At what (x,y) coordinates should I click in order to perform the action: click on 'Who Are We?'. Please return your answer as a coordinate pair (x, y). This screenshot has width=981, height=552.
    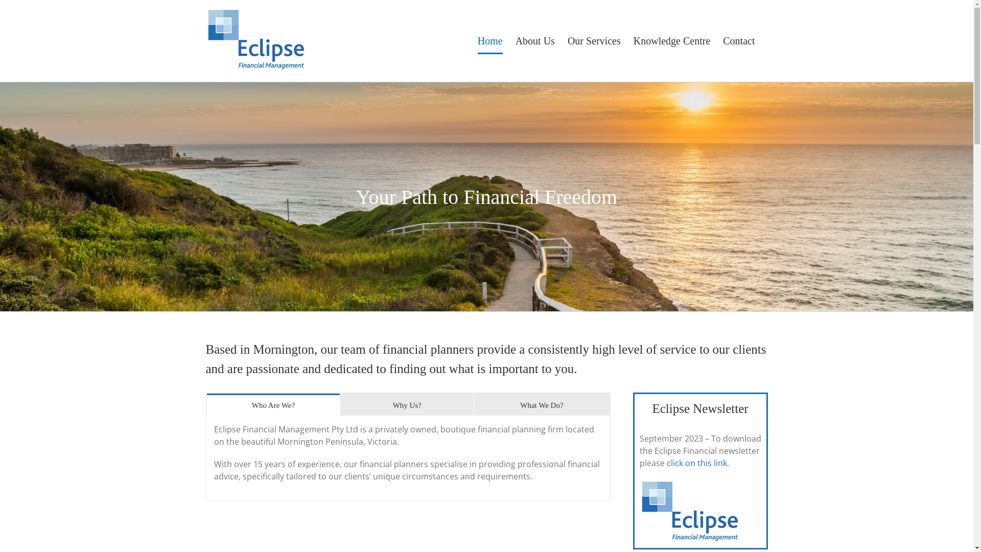
    Looking at the image, I should click on (273, 404).